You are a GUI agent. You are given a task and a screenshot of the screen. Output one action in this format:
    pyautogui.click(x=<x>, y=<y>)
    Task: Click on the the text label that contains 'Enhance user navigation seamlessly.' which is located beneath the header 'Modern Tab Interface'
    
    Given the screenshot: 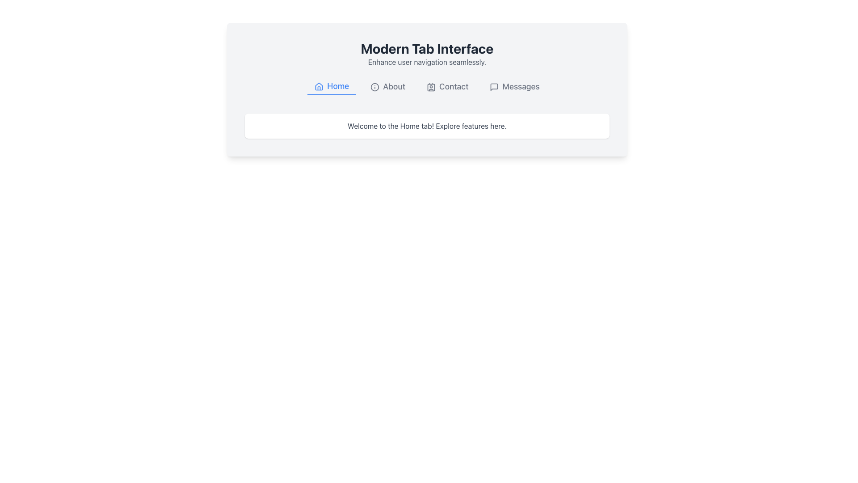 What is the action you would take?
    pyautogui.click(x=426, y=61)
    